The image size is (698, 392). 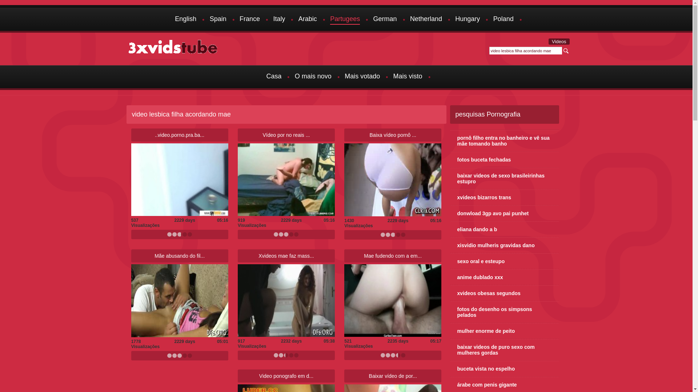 I want to click on 'anime dublado xxx', so click(x=504, y=277).